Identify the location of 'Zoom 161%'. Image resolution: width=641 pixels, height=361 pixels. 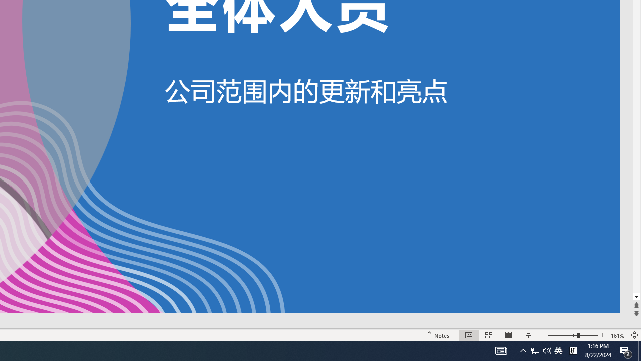
(617, 335).